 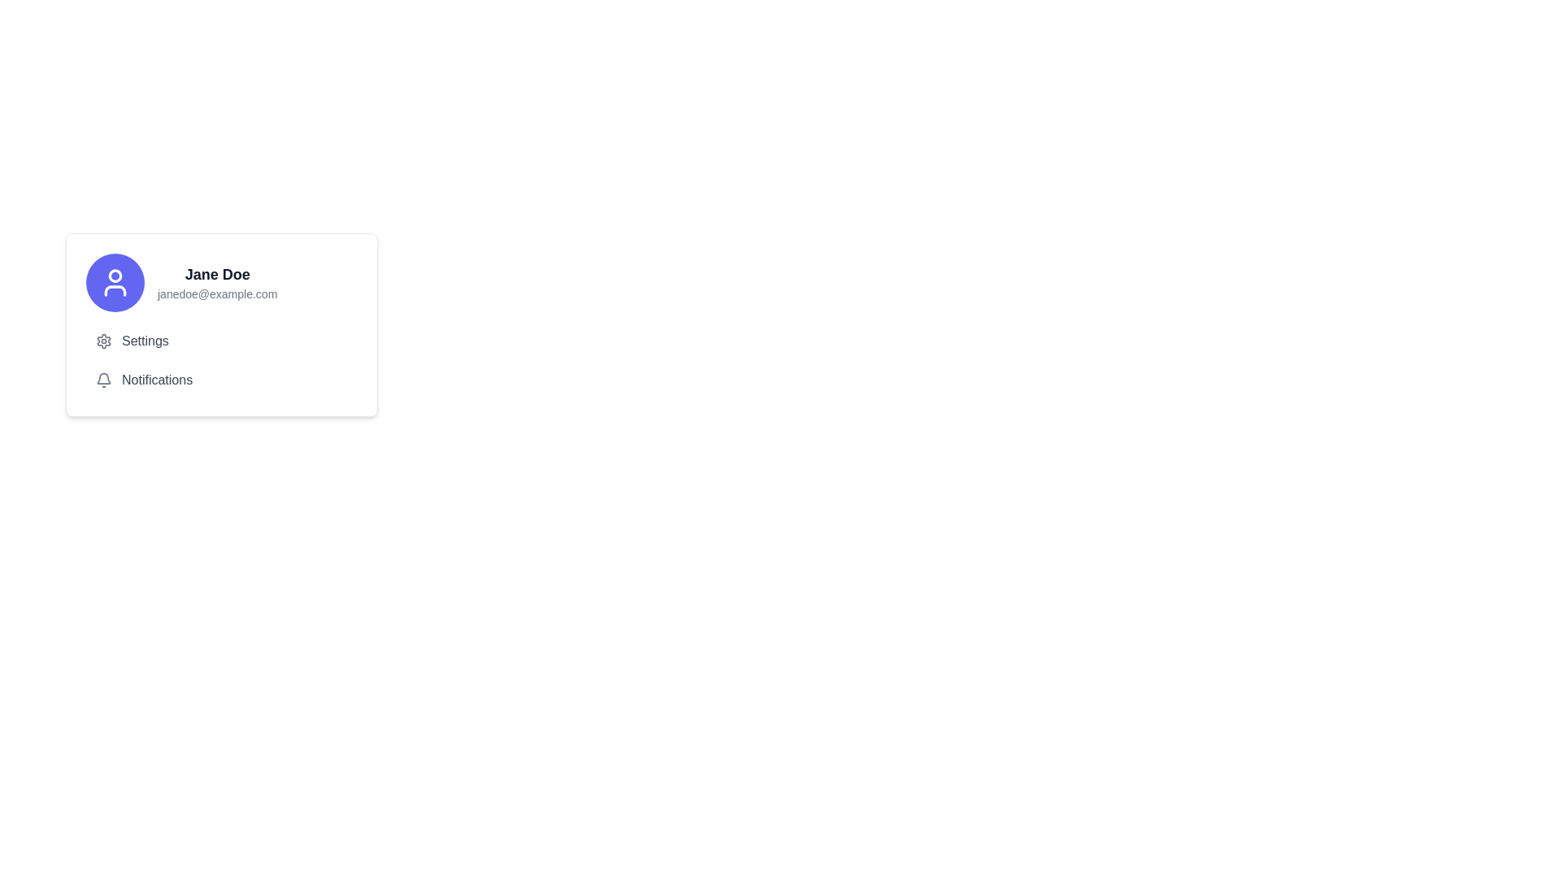 I want to click on the navigational button located in the middle of the card, below the 'Settings' option and above the bottom edge of the card, so click(x=221, y=380).